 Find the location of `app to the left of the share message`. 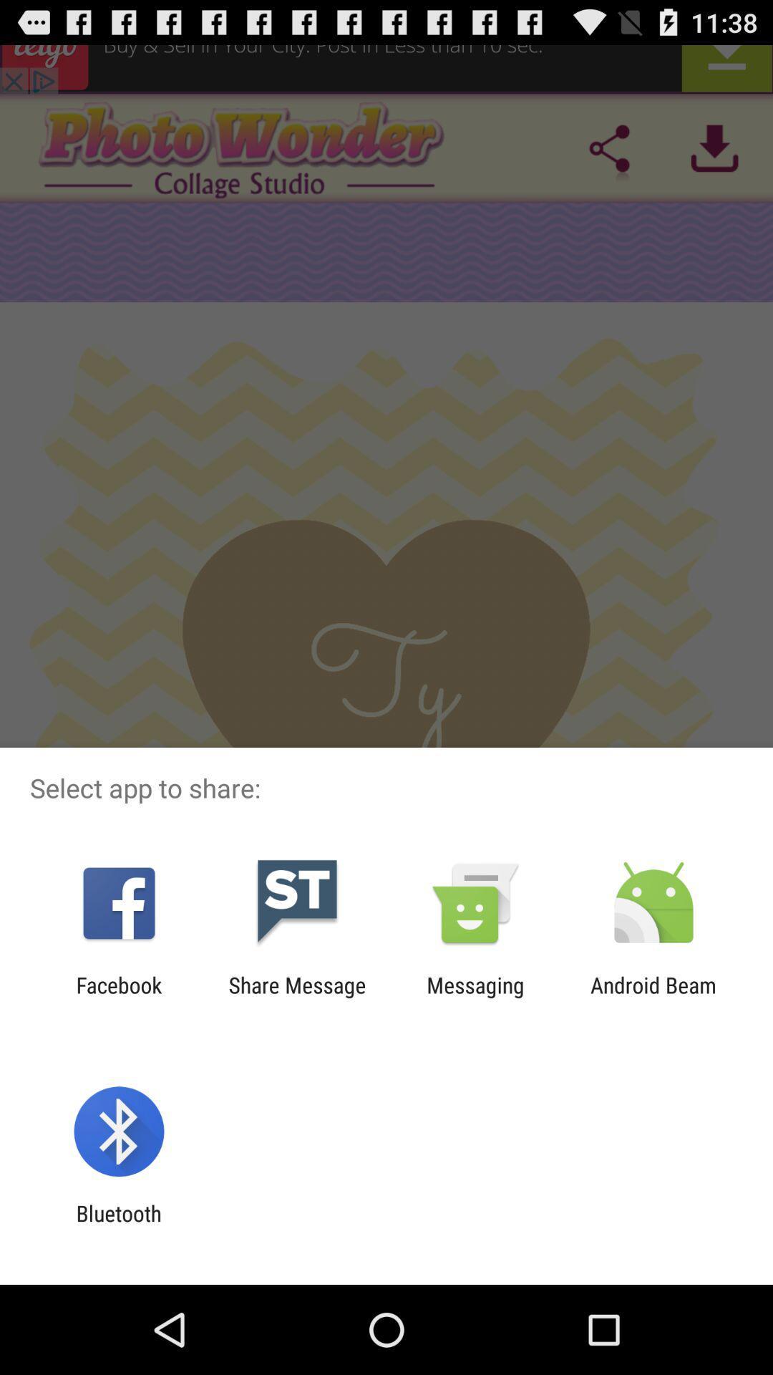

app to the left of the share message is located at coordinates (118, 997).